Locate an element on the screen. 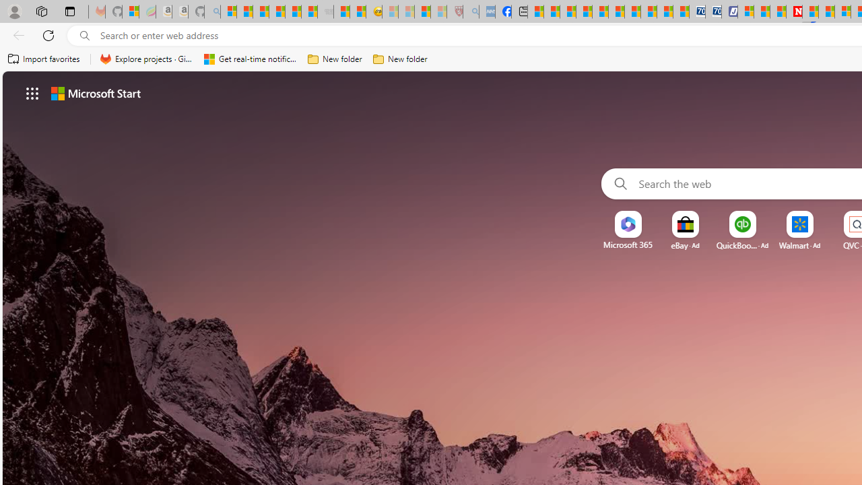 This screenshot has width=862, height=485. 'Science - MSN' is located at coordinates (422, 11).